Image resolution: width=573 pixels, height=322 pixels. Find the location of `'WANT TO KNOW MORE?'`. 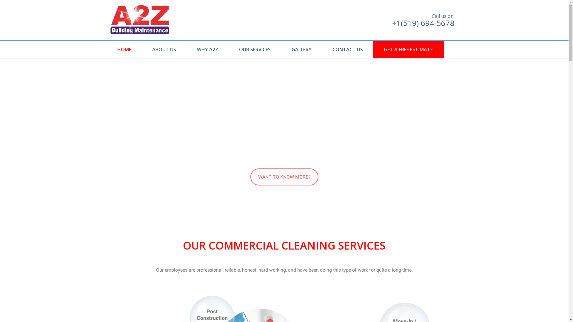

'WANT TO KNOW MORE?' is located at coordinates (284, 177).